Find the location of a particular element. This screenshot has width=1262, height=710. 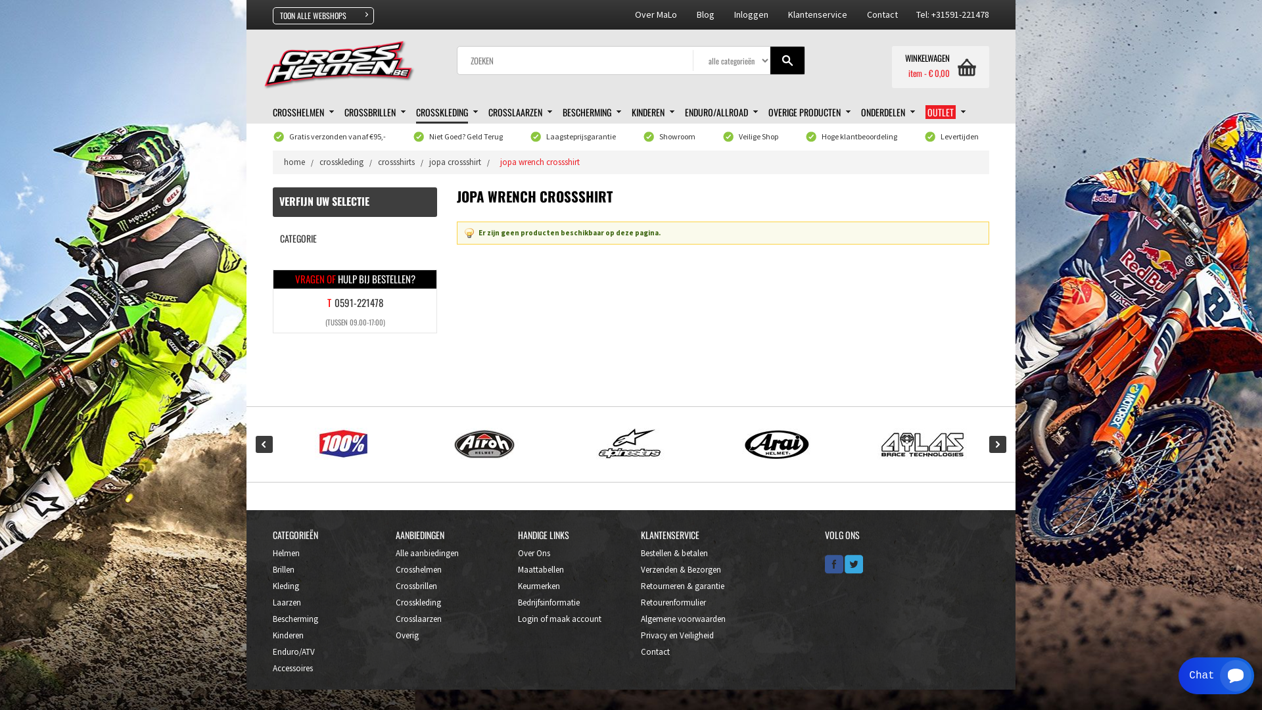

'Showroom' is located at coordinates (677, 136).